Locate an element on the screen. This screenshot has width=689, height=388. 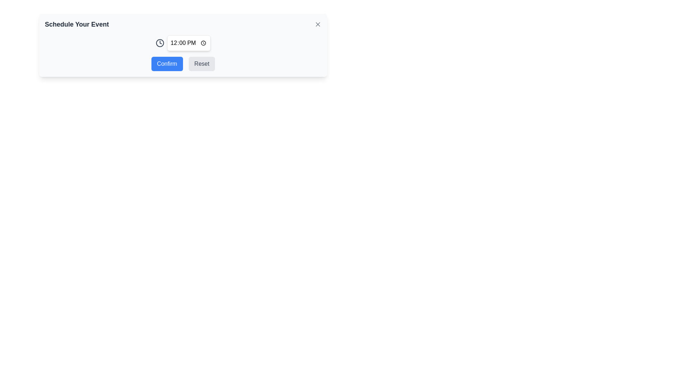
the Decorative SVG Circle that serves as the circular frame of the clock icon in the interface is located at coordinates (159, 43).